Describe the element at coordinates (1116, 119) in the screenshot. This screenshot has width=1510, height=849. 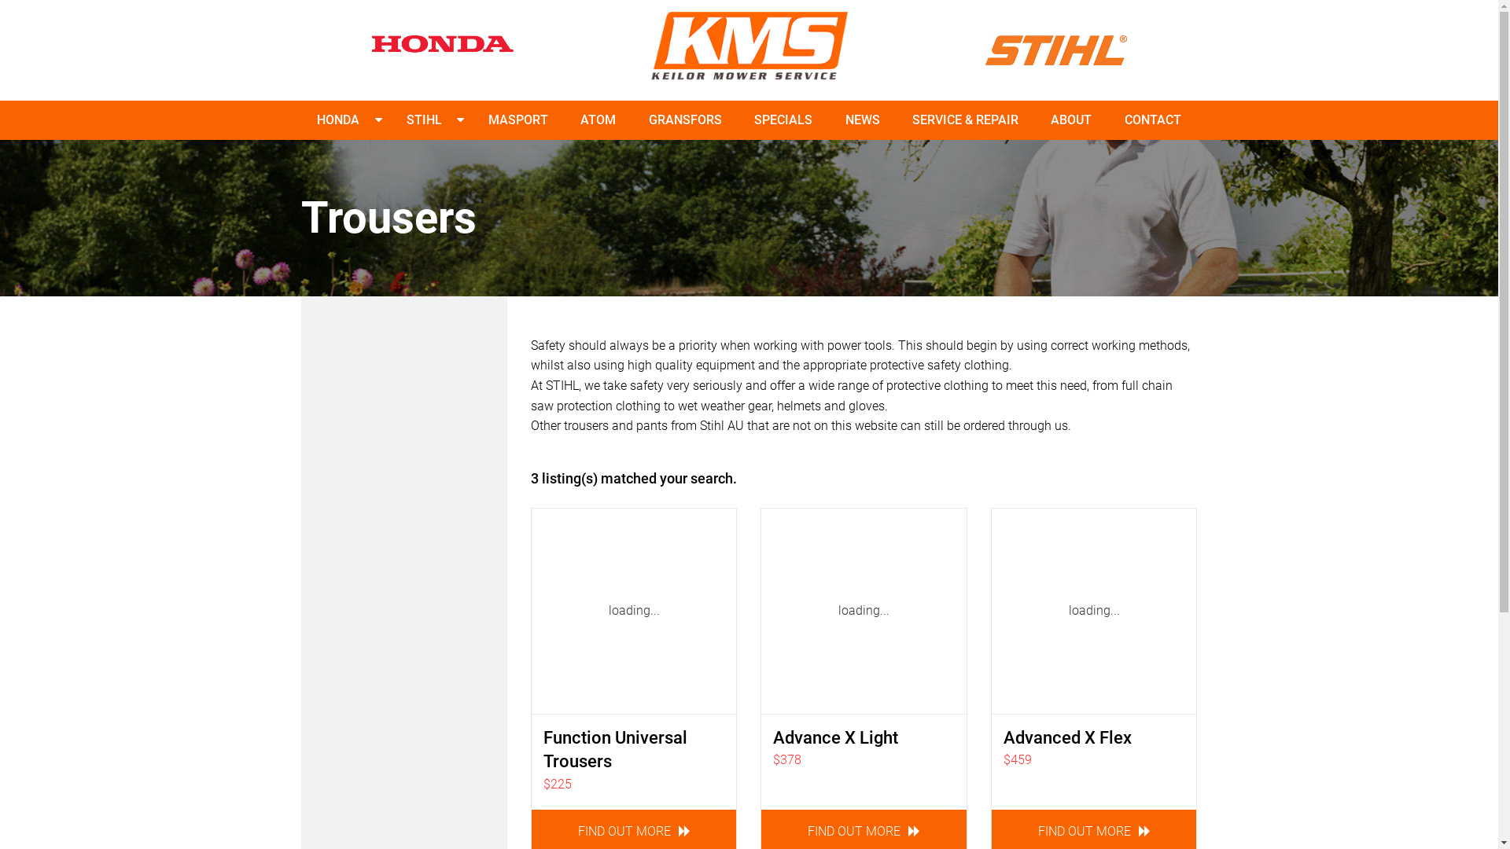
I see `'CONTACT'` at that location.